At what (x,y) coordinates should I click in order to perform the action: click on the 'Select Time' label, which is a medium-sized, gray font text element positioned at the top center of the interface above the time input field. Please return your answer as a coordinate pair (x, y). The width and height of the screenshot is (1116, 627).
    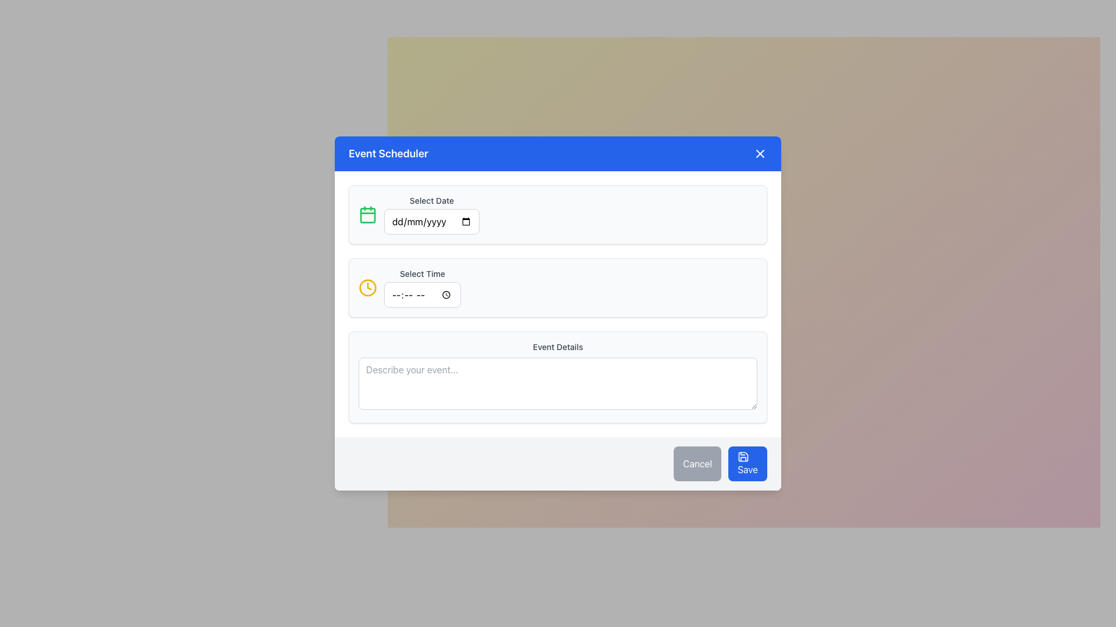
    Looking at the image, I should click on (421, 273).